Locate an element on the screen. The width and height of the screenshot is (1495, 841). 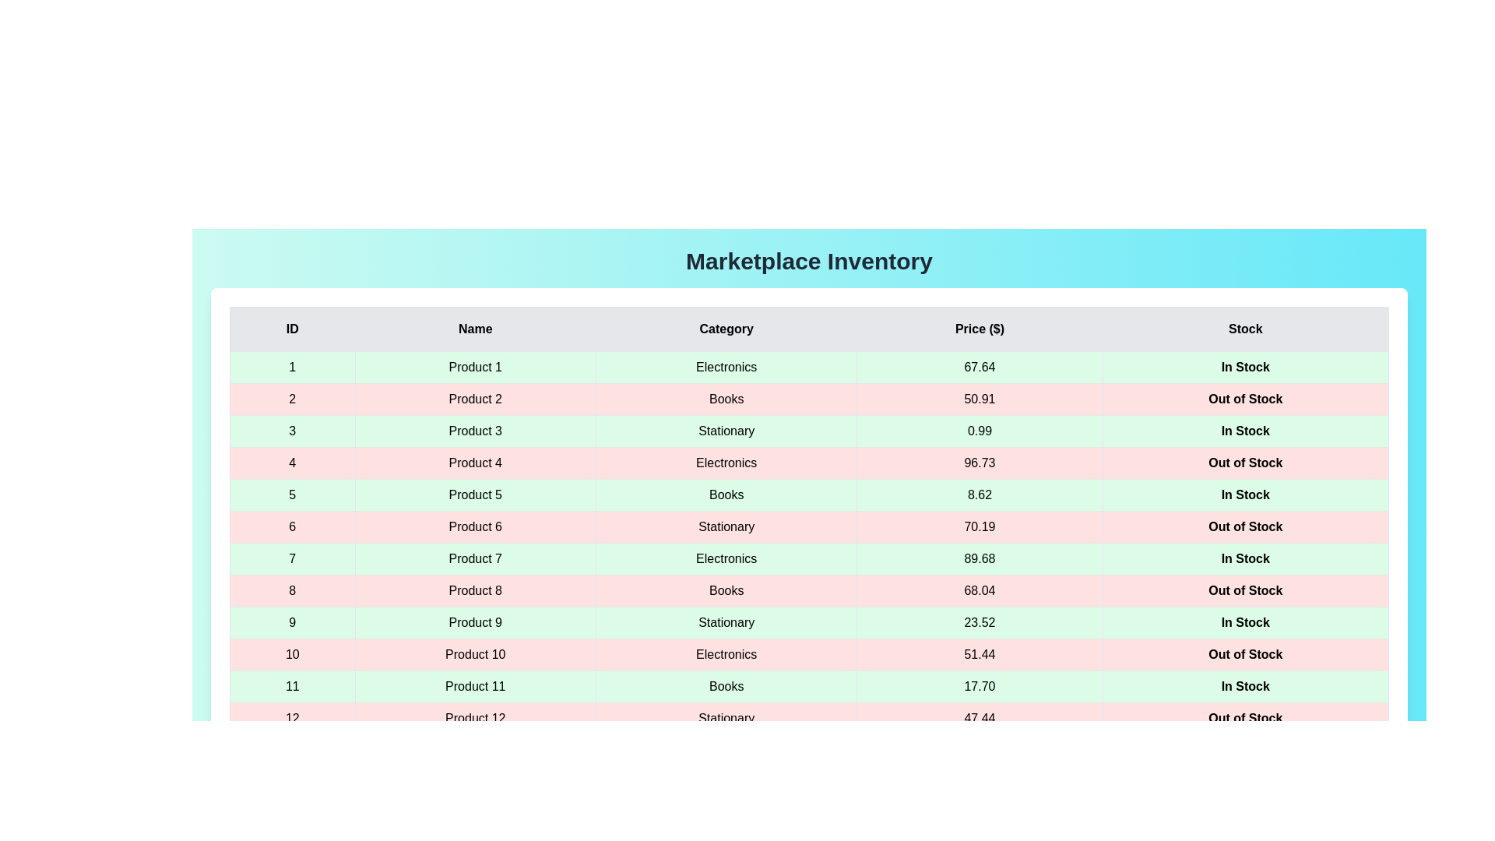
the column header labeled 'Stock' to sort the table by that column is located at coordinates (1244, 329).